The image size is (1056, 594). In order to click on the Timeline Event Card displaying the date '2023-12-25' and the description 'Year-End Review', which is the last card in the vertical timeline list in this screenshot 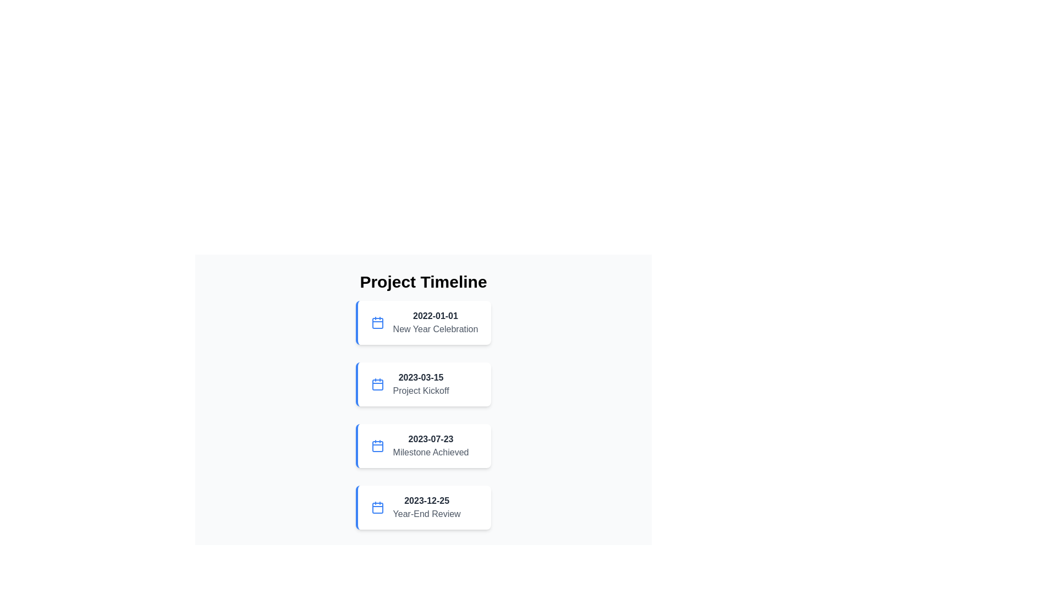, I will do `click(422, 507)`.